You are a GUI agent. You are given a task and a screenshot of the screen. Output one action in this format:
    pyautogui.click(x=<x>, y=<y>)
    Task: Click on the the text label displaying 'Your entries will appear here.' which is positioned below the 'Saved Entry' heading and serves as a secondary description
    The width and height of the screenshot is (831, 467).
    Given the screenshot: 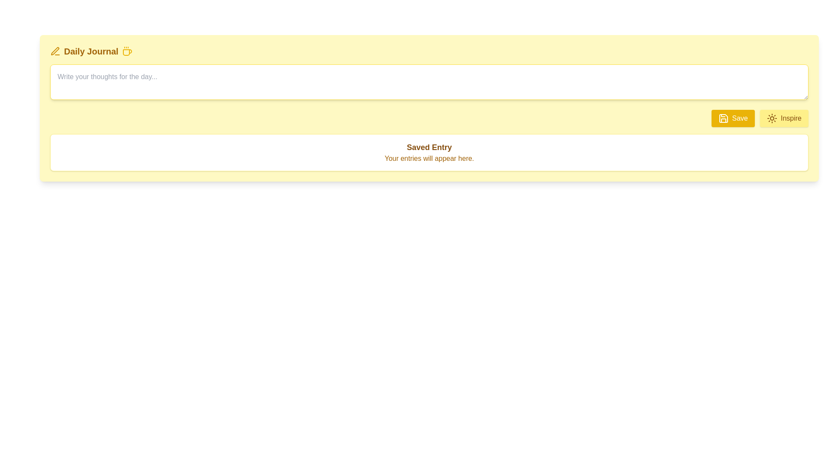 What is the action you would take?
    pyautogui.click(x=429, y=158)
    